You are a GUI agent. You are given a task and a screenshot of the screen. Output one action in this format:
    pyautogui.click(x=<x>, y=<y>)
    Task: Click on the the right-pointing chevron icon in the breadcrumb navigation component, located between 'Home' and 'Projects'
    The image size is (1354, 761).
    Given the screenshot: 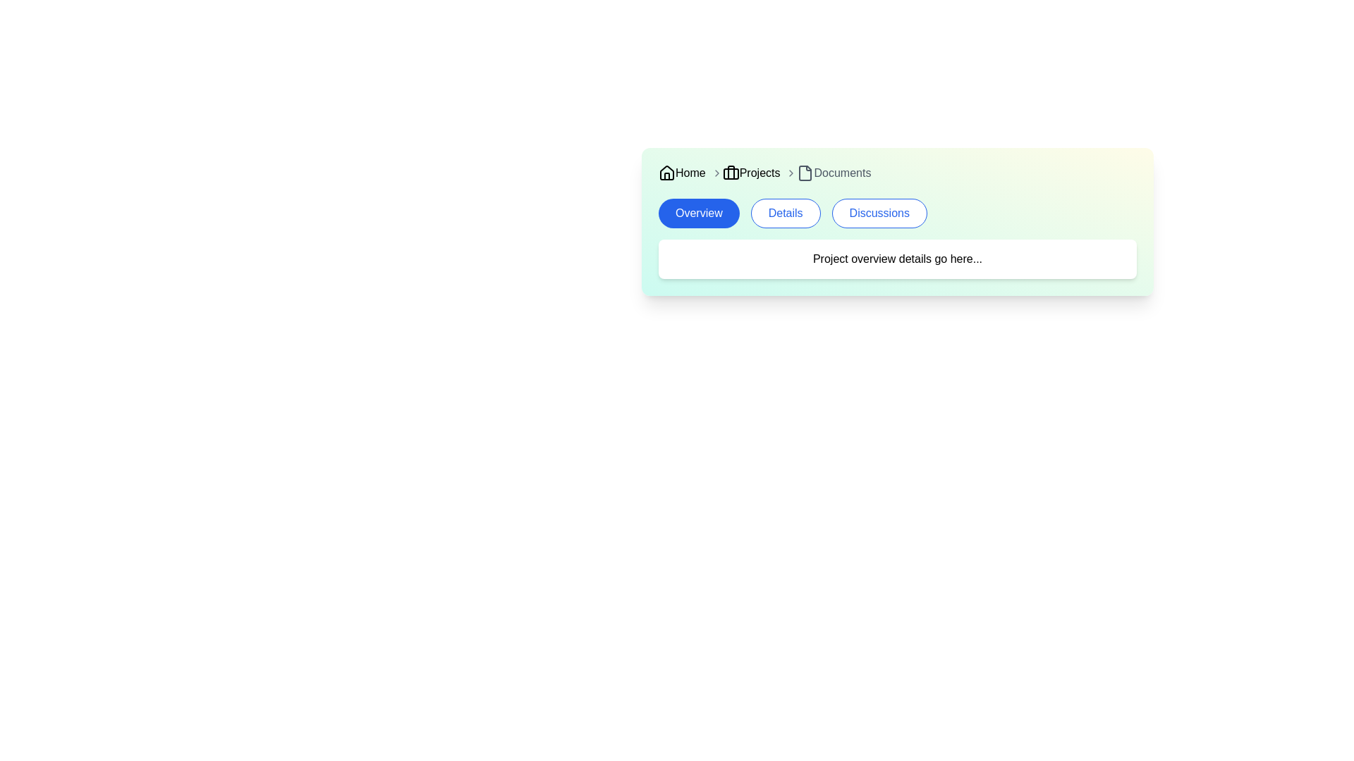 What is the action you would take?
    pyautogui.click(x=716, y=173)
    